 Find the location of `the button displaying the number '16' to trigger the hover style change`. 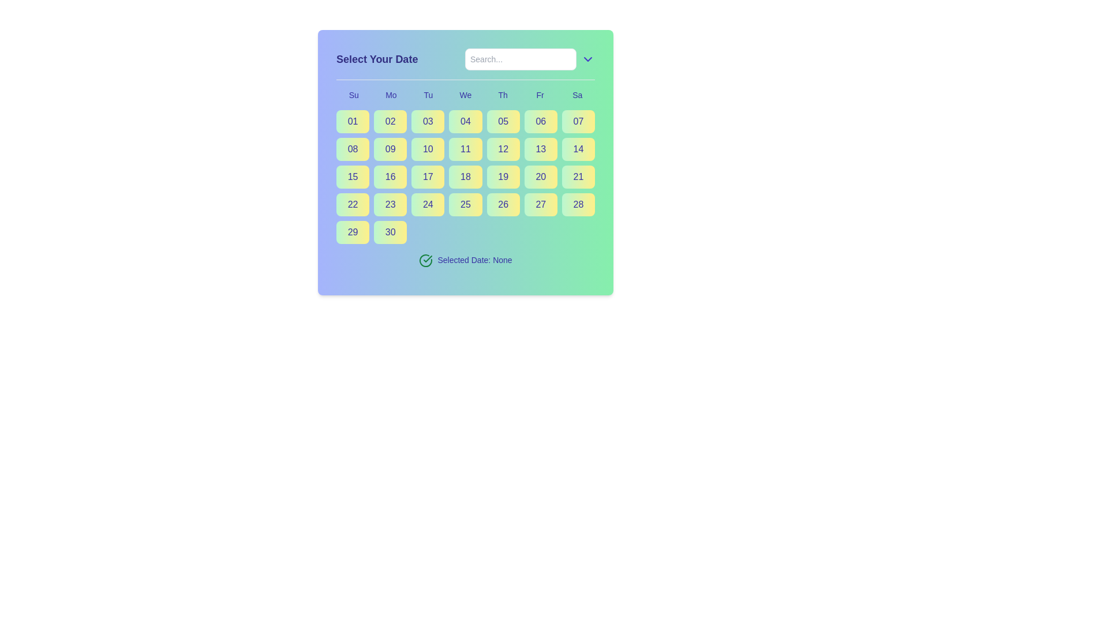

the button displaying the number '16' to trigger the hover style change is located at coordinates (390, 177).